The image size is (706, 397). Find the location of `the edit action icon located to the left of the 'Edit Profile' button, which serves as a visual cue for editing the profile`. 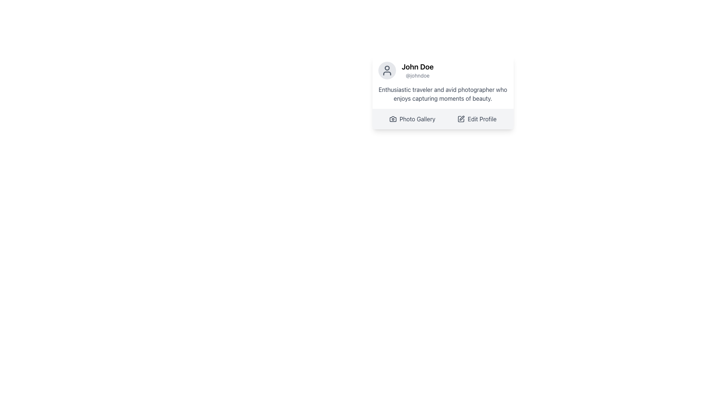

the edit action icon located to the left of the 'Edit Profile' button, which serves as a visual cue for editing the profile is located at coordinates (461, 119).